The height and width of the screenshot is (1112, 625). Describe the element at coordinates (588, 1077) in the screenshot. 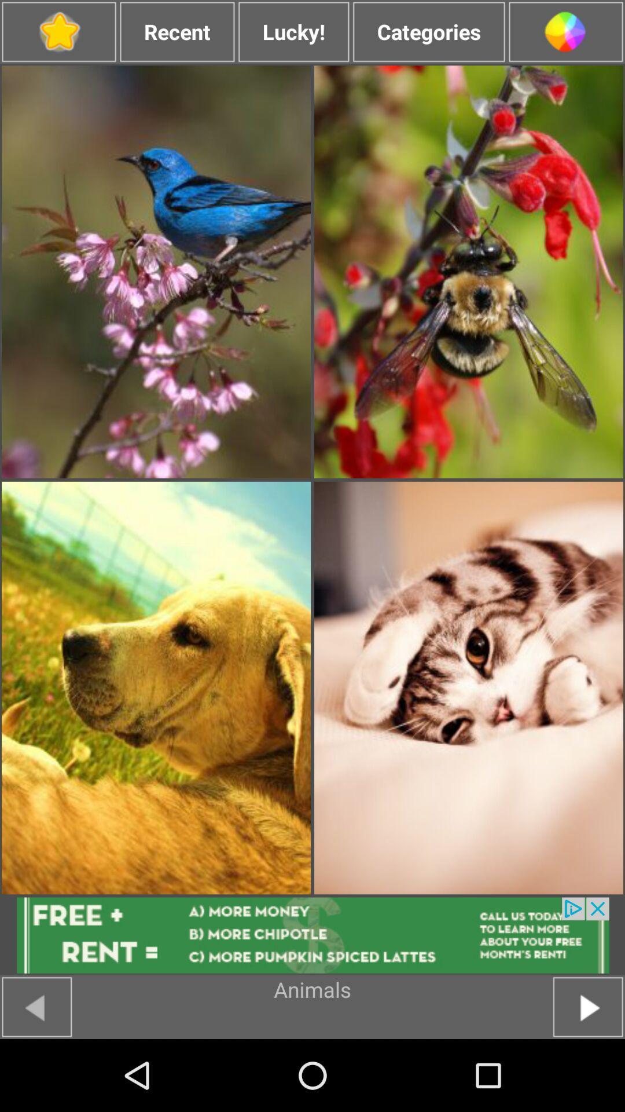

I see `the play icon` at that location.